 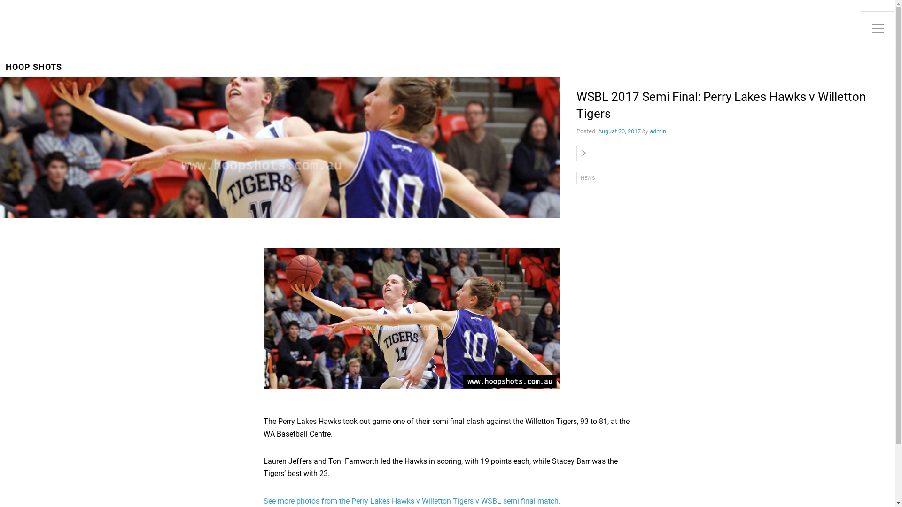 I want to click on 'NEWS', so click(x=576, y=177).